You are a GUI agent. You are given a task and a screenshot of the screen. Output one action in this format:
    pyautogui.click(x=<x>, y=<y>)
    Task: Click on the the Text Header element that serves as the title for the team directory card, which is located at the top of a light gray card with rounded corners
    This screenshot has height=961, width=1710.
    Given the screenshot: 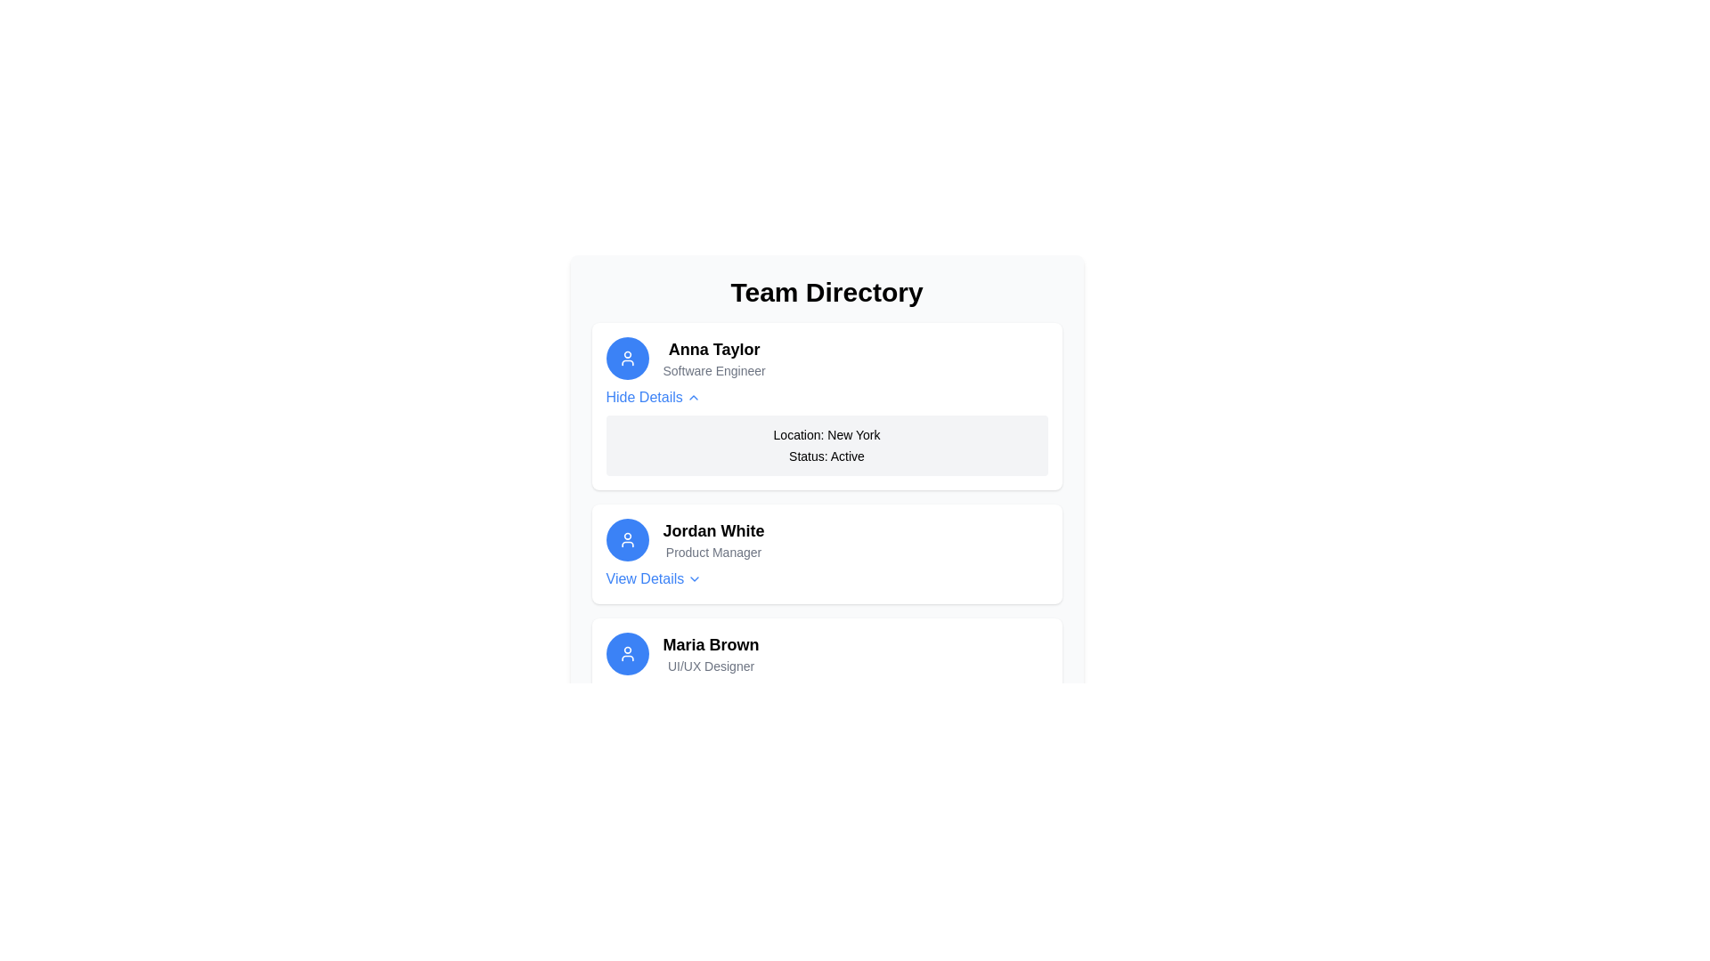 What is the action you would take?
    pyautogui.click(x=826, y=291)
    